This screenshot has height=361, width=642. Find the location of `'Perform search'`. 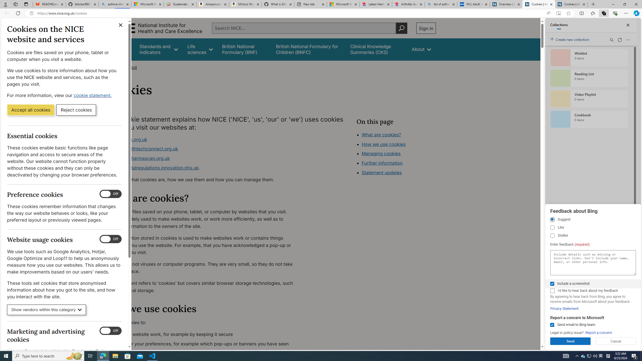

'Perform search' is located at coordinates (401, 28).